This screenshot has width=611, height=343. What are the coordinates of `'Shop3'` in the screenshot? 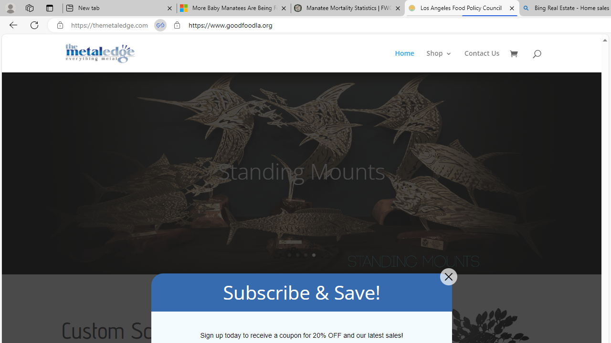 It's located at (444, 61).